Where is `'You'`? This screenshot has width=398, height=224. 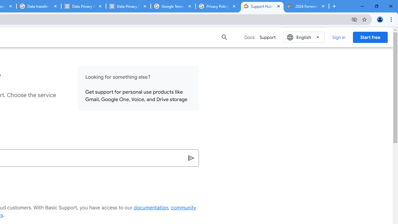
'You' is located at coordinates (379, 19).